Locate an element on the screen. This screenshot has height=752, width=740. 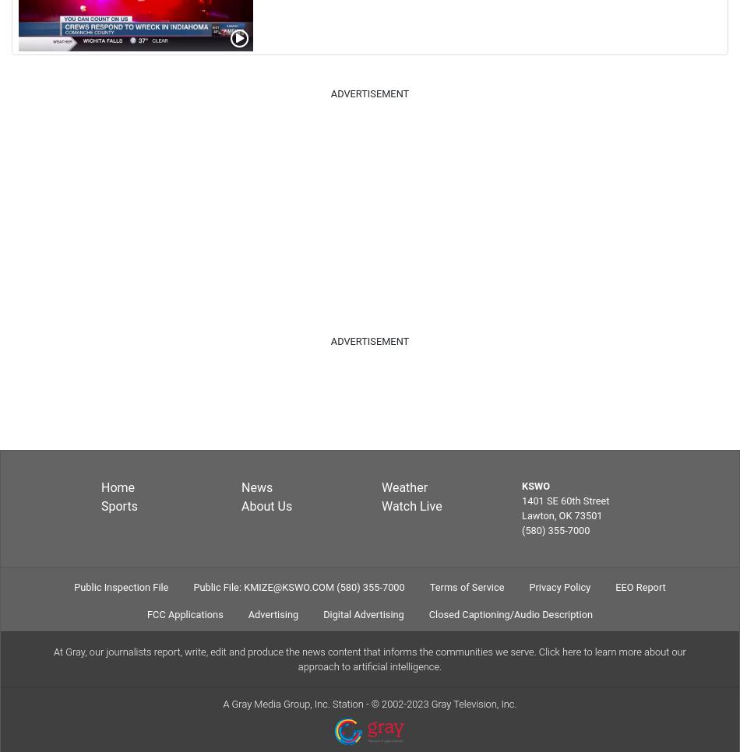
'2002-2023 Gray Television, Inc.' is located at coordinates (382, 703).